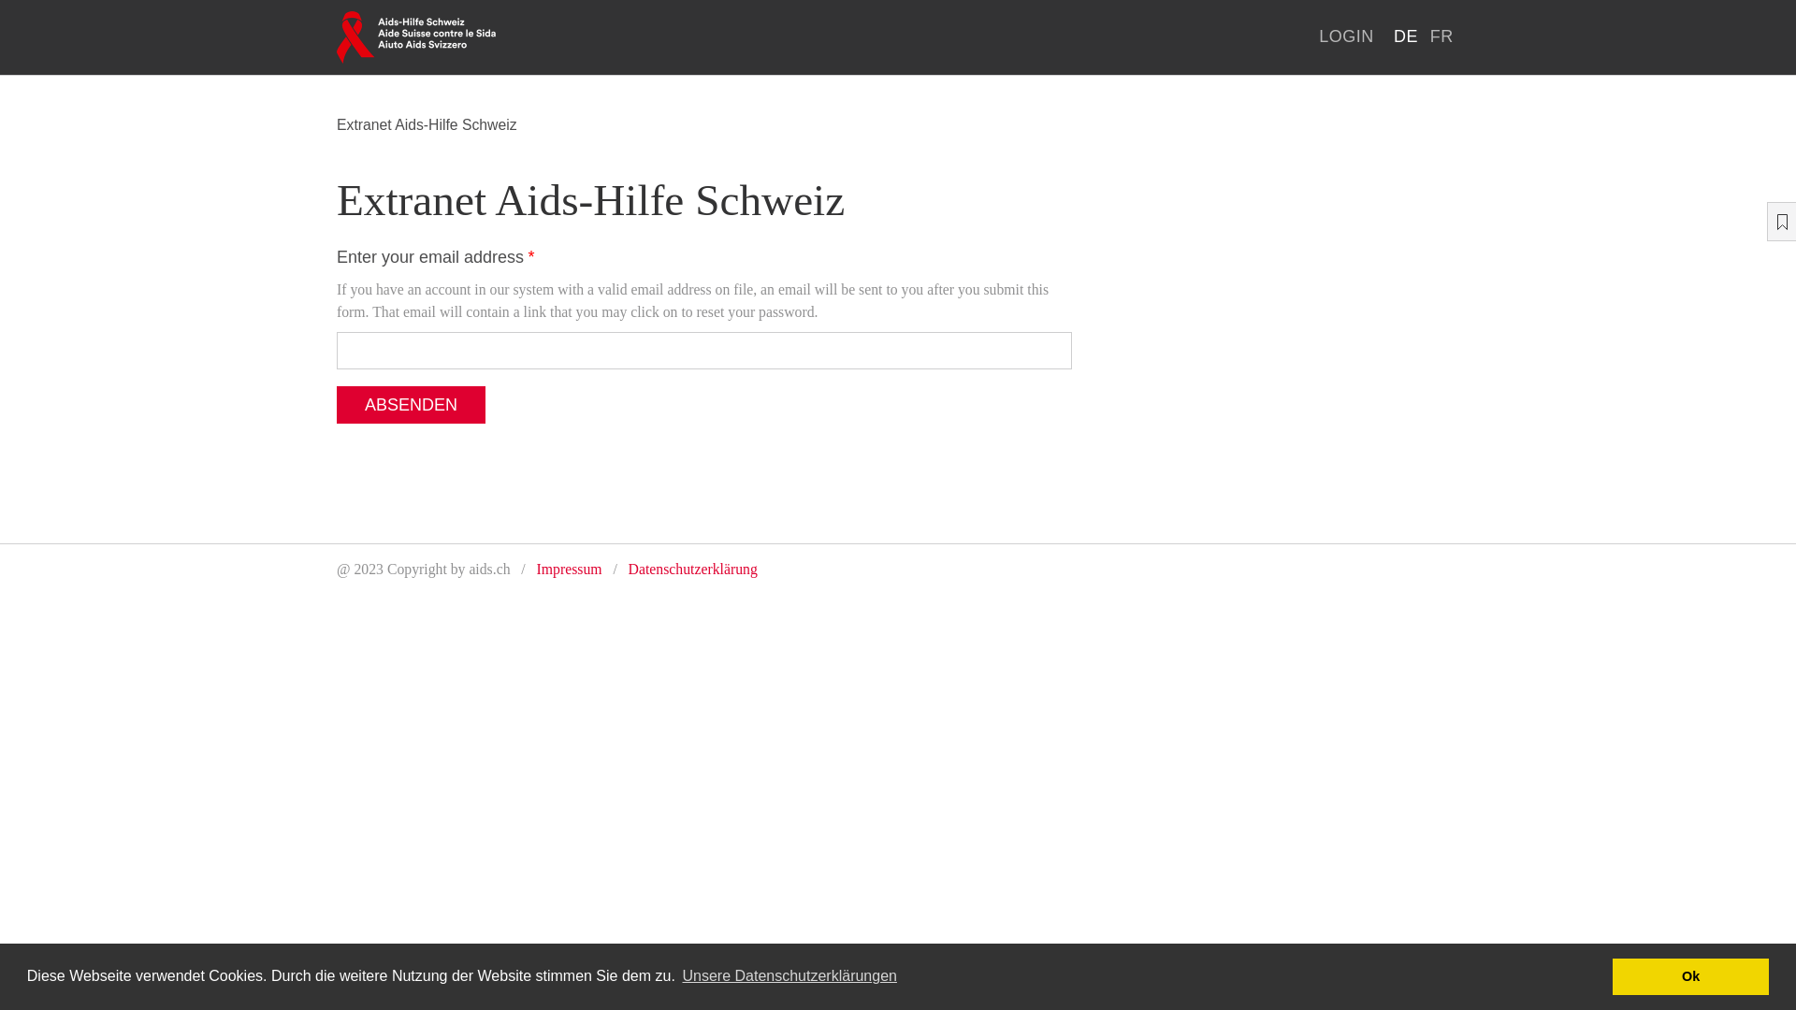 The image size is (1796, 1010). What do you see at coordinates (1345, 36) in the screenshot?
I see `'LOGIN'` at bounding box center [1345, 36].